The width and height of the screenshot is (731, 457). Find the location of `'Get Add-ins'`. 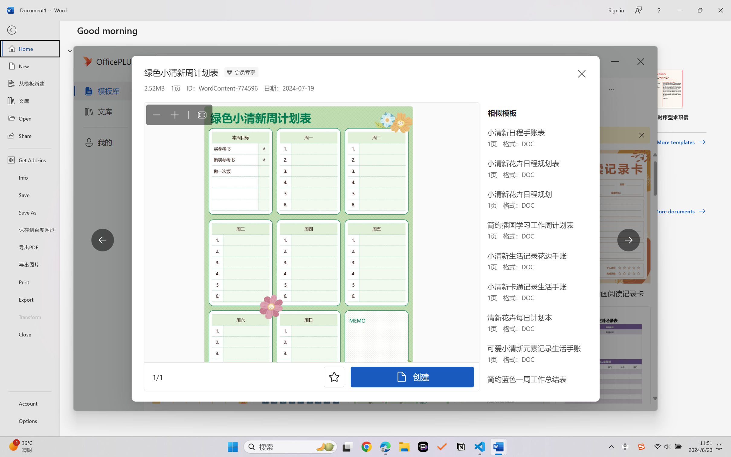

'Get Add-ins' is located at coordinates (29, 160).